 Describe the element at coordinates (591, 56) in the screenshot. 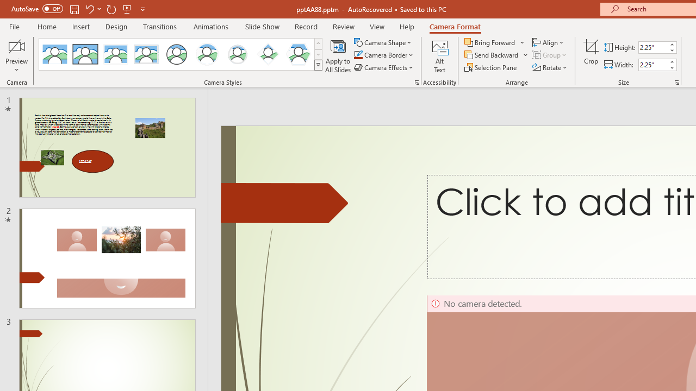

I see `'Crop'` at that location.